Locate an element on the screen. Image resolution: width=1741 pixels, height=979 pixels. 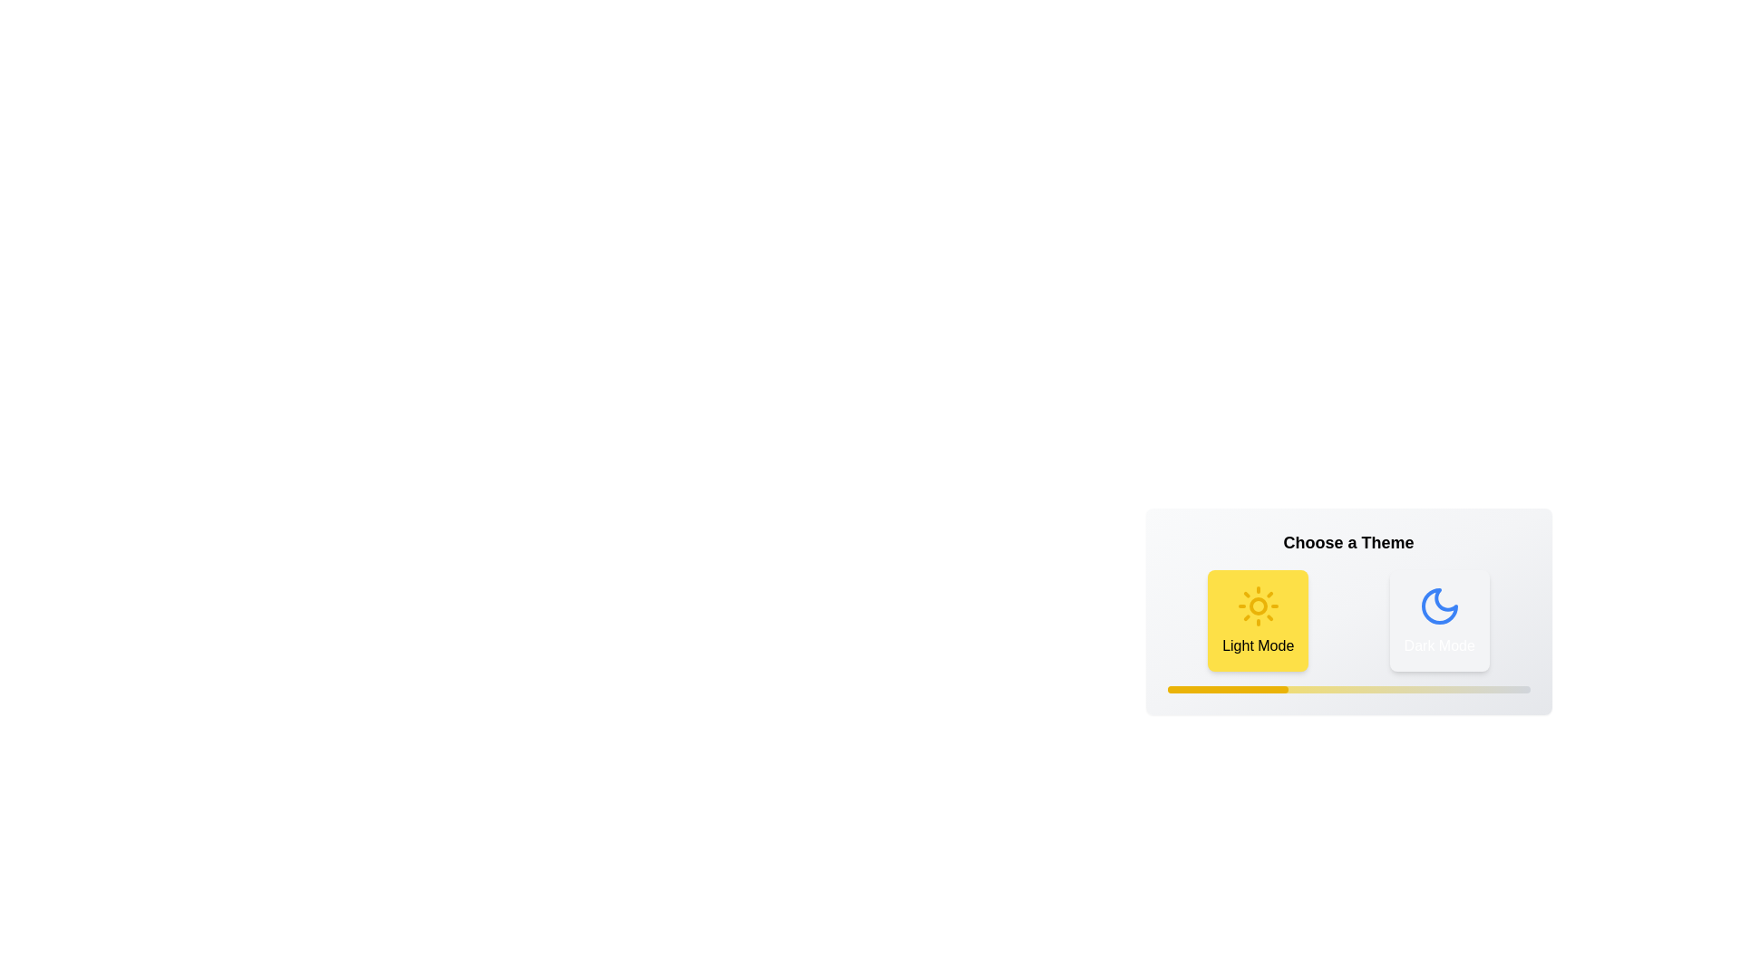
the 'Light Mode' button is located at coordinates (1257, 620).